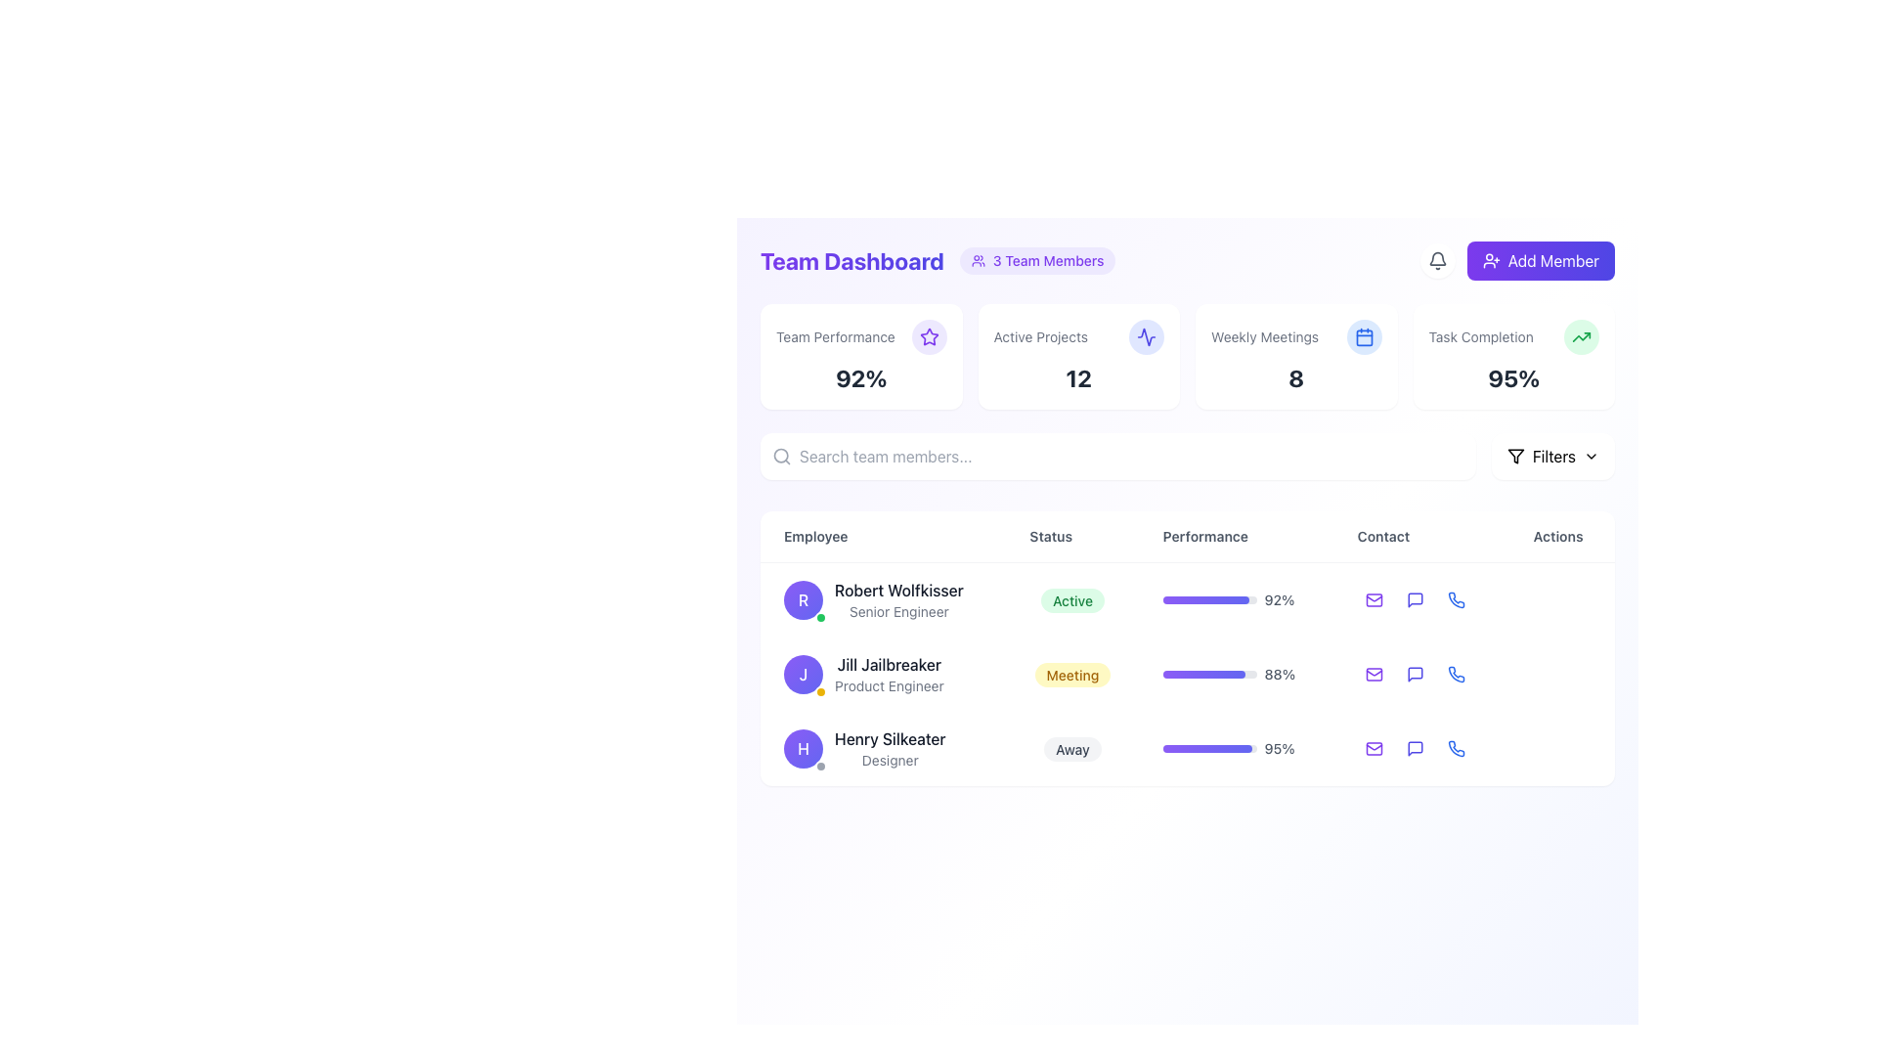  Describe the element at coordinates (928, 335) in the screenshot. I see `the stylized five-point star icon outlined in purple, located within the 'Team Performance' card on the 'Team Dashboard' interface` at that location.